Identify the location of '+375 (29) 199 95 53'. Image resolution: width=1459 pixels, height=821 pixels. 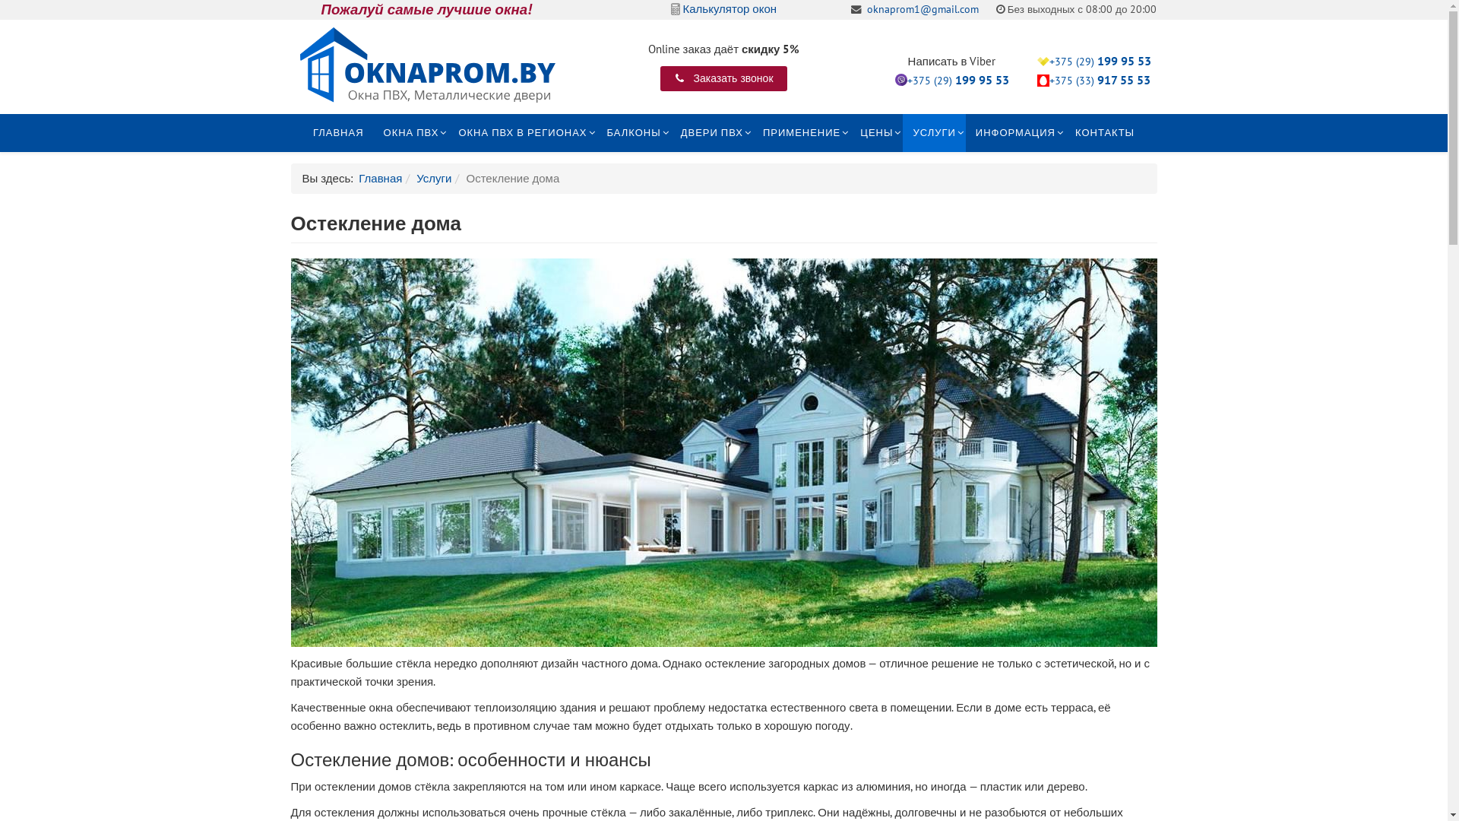
(1100, 60).